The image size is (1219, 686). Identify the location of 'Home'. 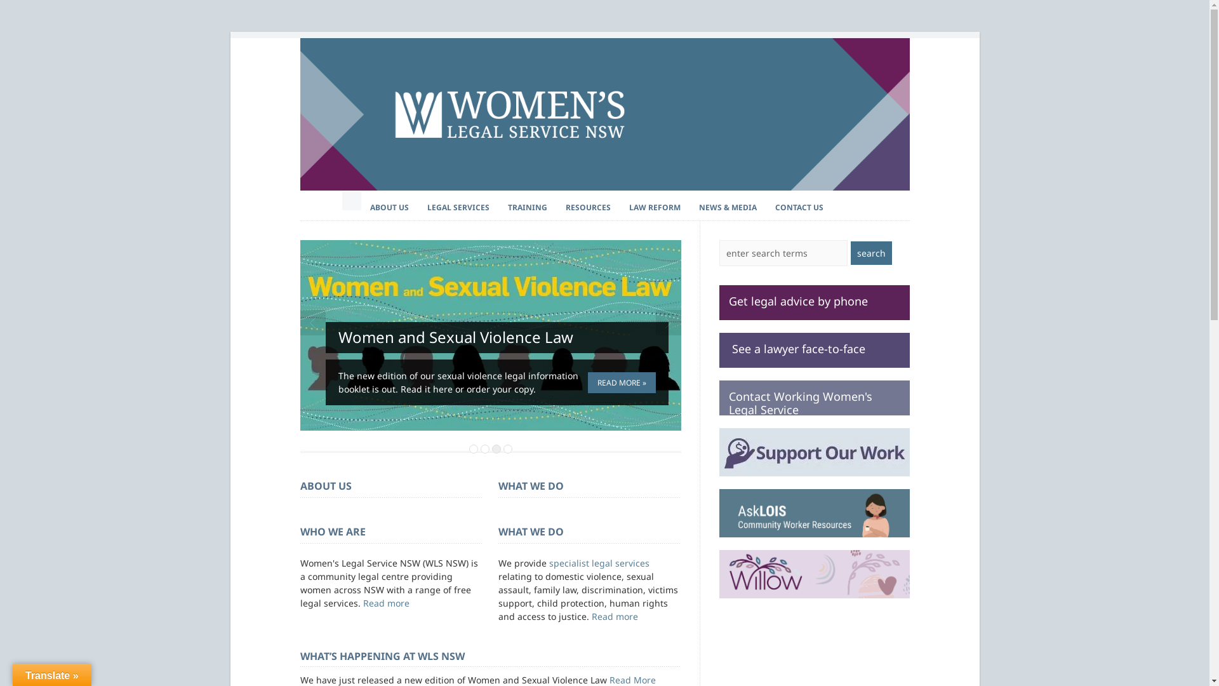
(351, 200).